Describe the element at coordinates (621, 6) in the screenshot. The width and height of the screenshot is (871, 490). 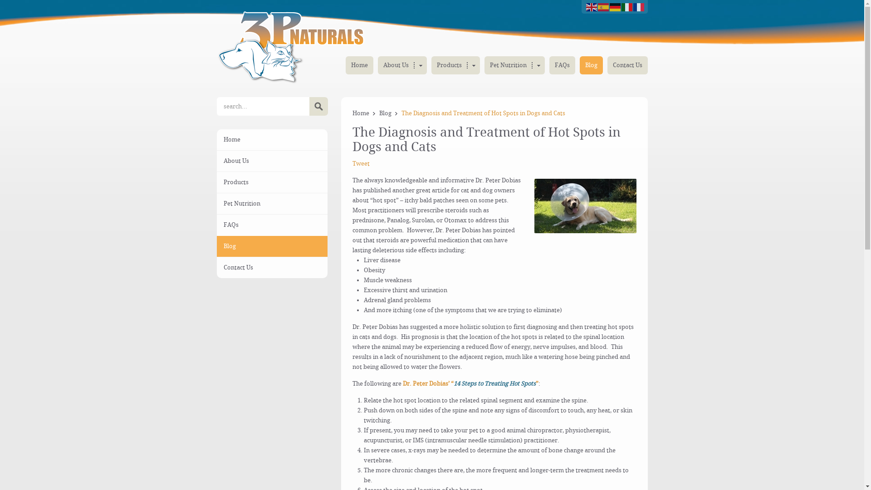
I see `'Italiano'` at that location.